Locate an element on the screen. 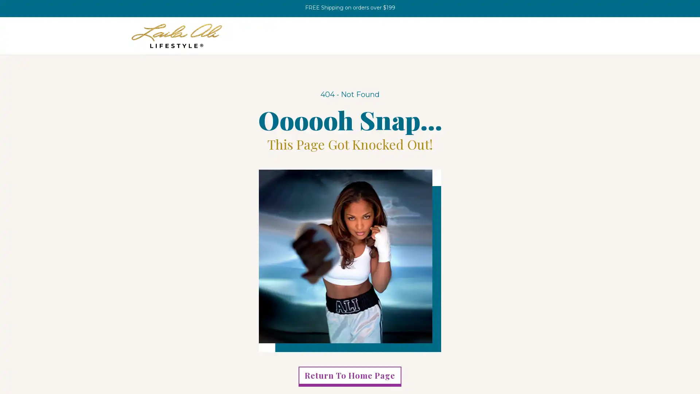 Image resolution: width=700 pixels, height=394 pixels. Return To Home Page is located at coordinates (350, 376).